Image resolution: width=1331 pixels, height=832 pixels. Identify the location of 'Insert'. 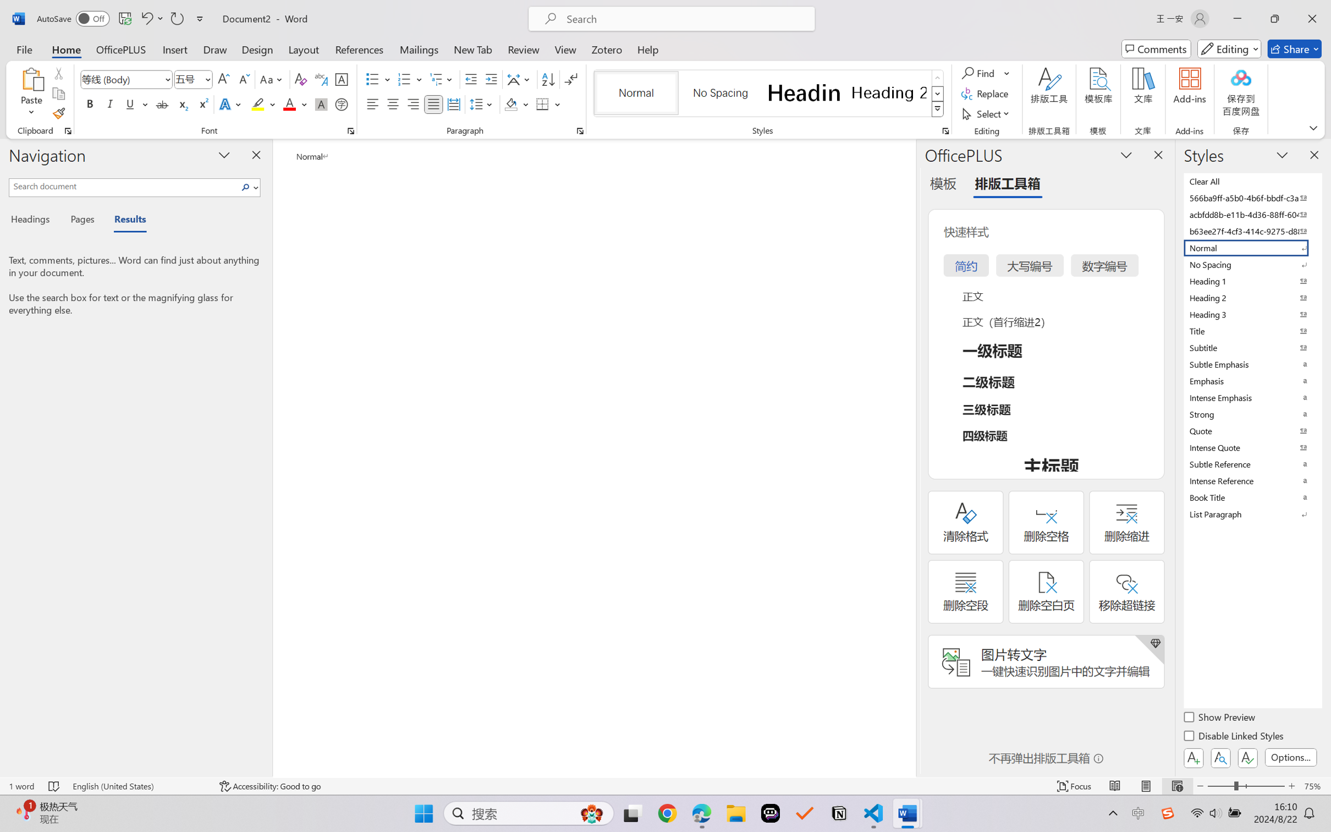
(174, 48).